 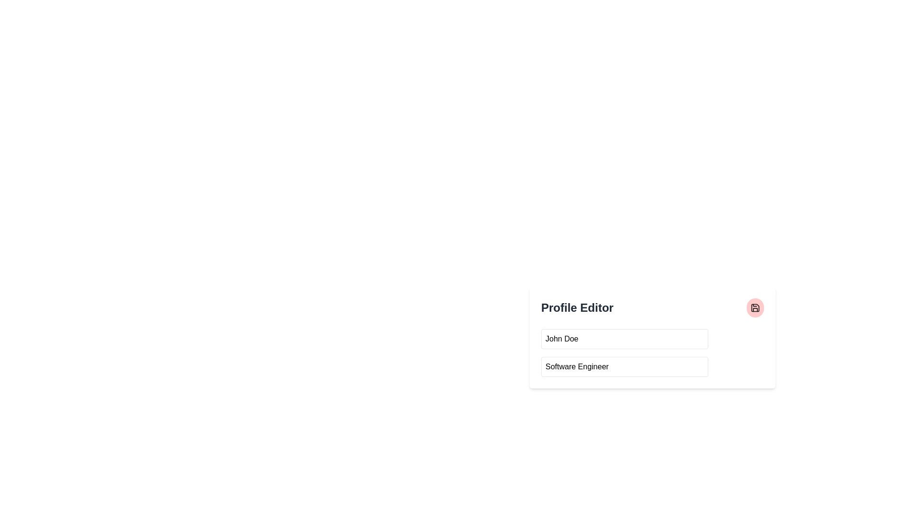 What do you see at coordinates (755, 307) in the screenshot?
I see `the save icon located in the top-right corner of the 'Profile Editor' panel` at bounding box center [755, 307].